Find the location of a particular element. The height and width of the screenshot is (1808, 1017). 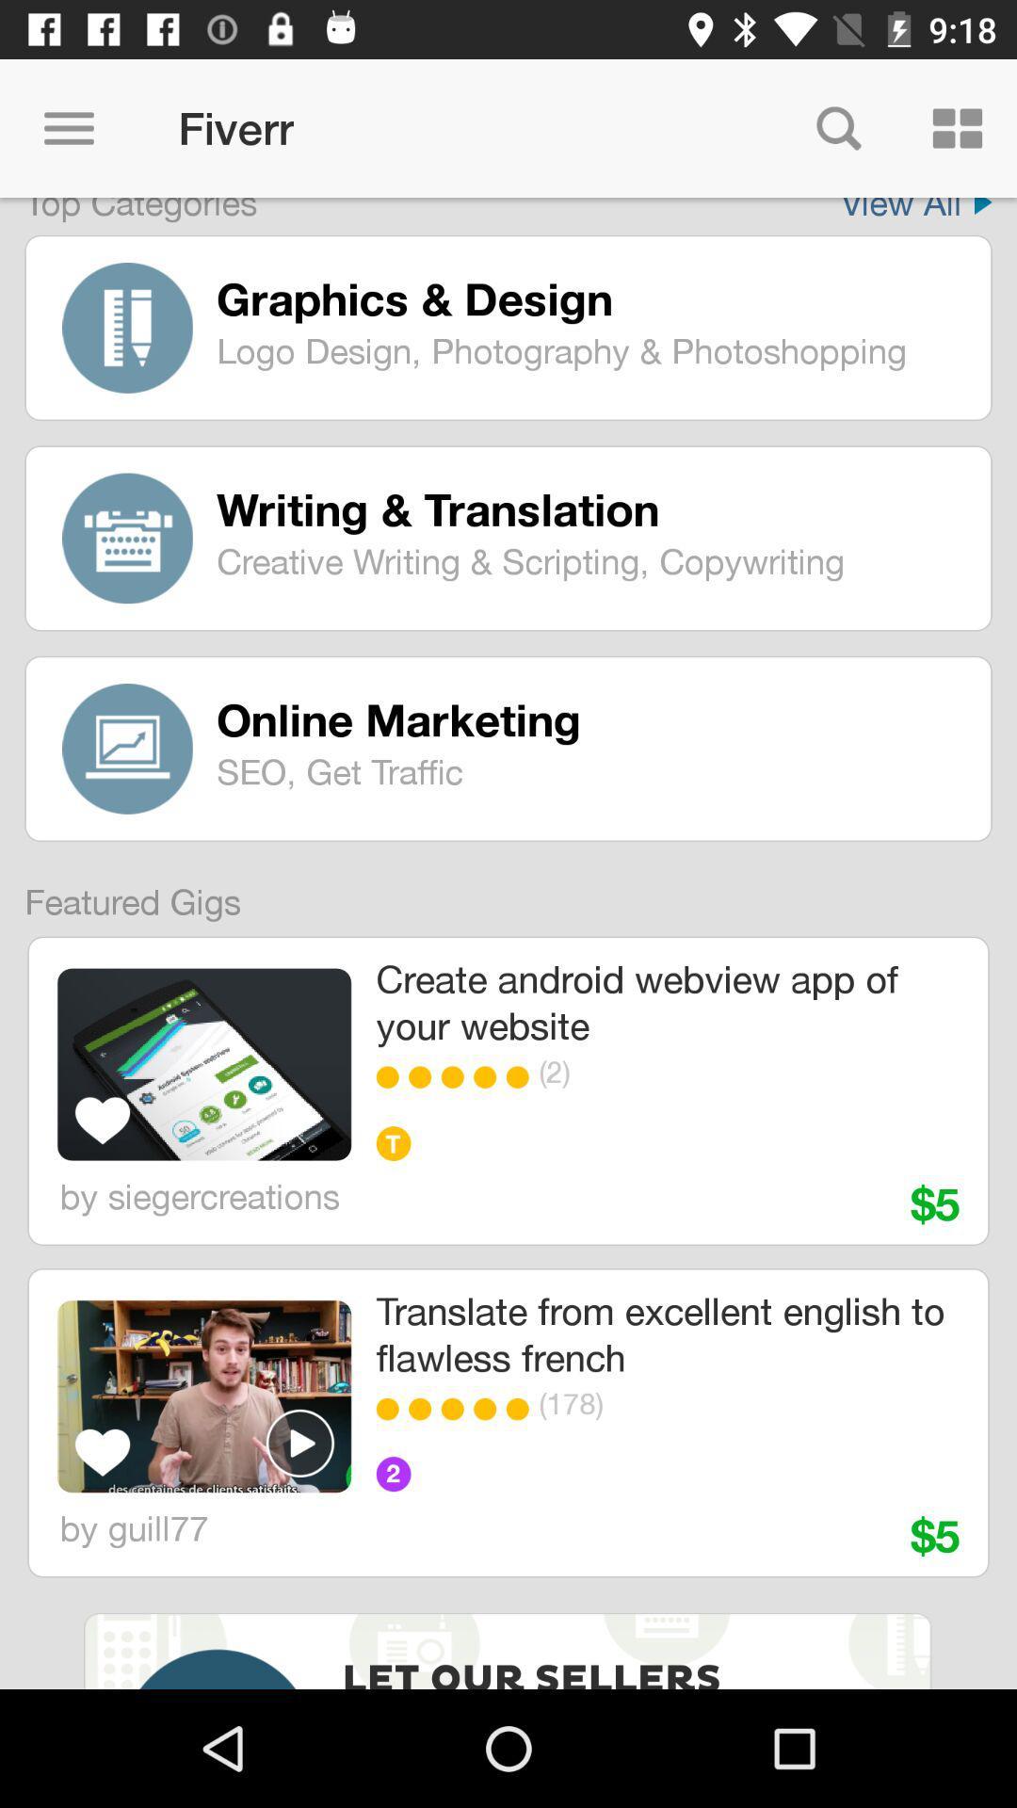

icon to the right of fiverr icon is located at coordinates (838, 127).